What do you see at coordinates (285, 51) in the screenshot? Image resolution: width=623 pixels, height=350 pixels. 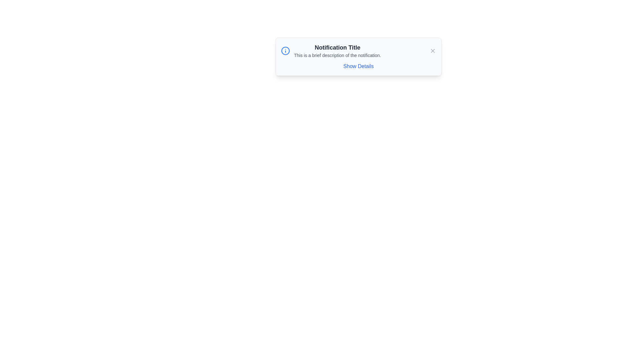 I see `the informational icon located at the top-left corner of the notification card, which serves as a significant identifier for the card` at bounding box center [285, 51].